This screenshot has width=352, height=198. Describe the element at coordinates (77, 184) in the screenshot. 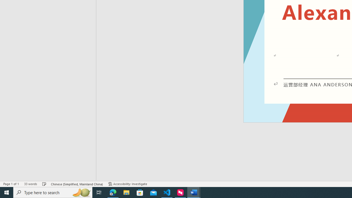

I see `'Language Chinese (Simplified, Mainland China)'` at that location.